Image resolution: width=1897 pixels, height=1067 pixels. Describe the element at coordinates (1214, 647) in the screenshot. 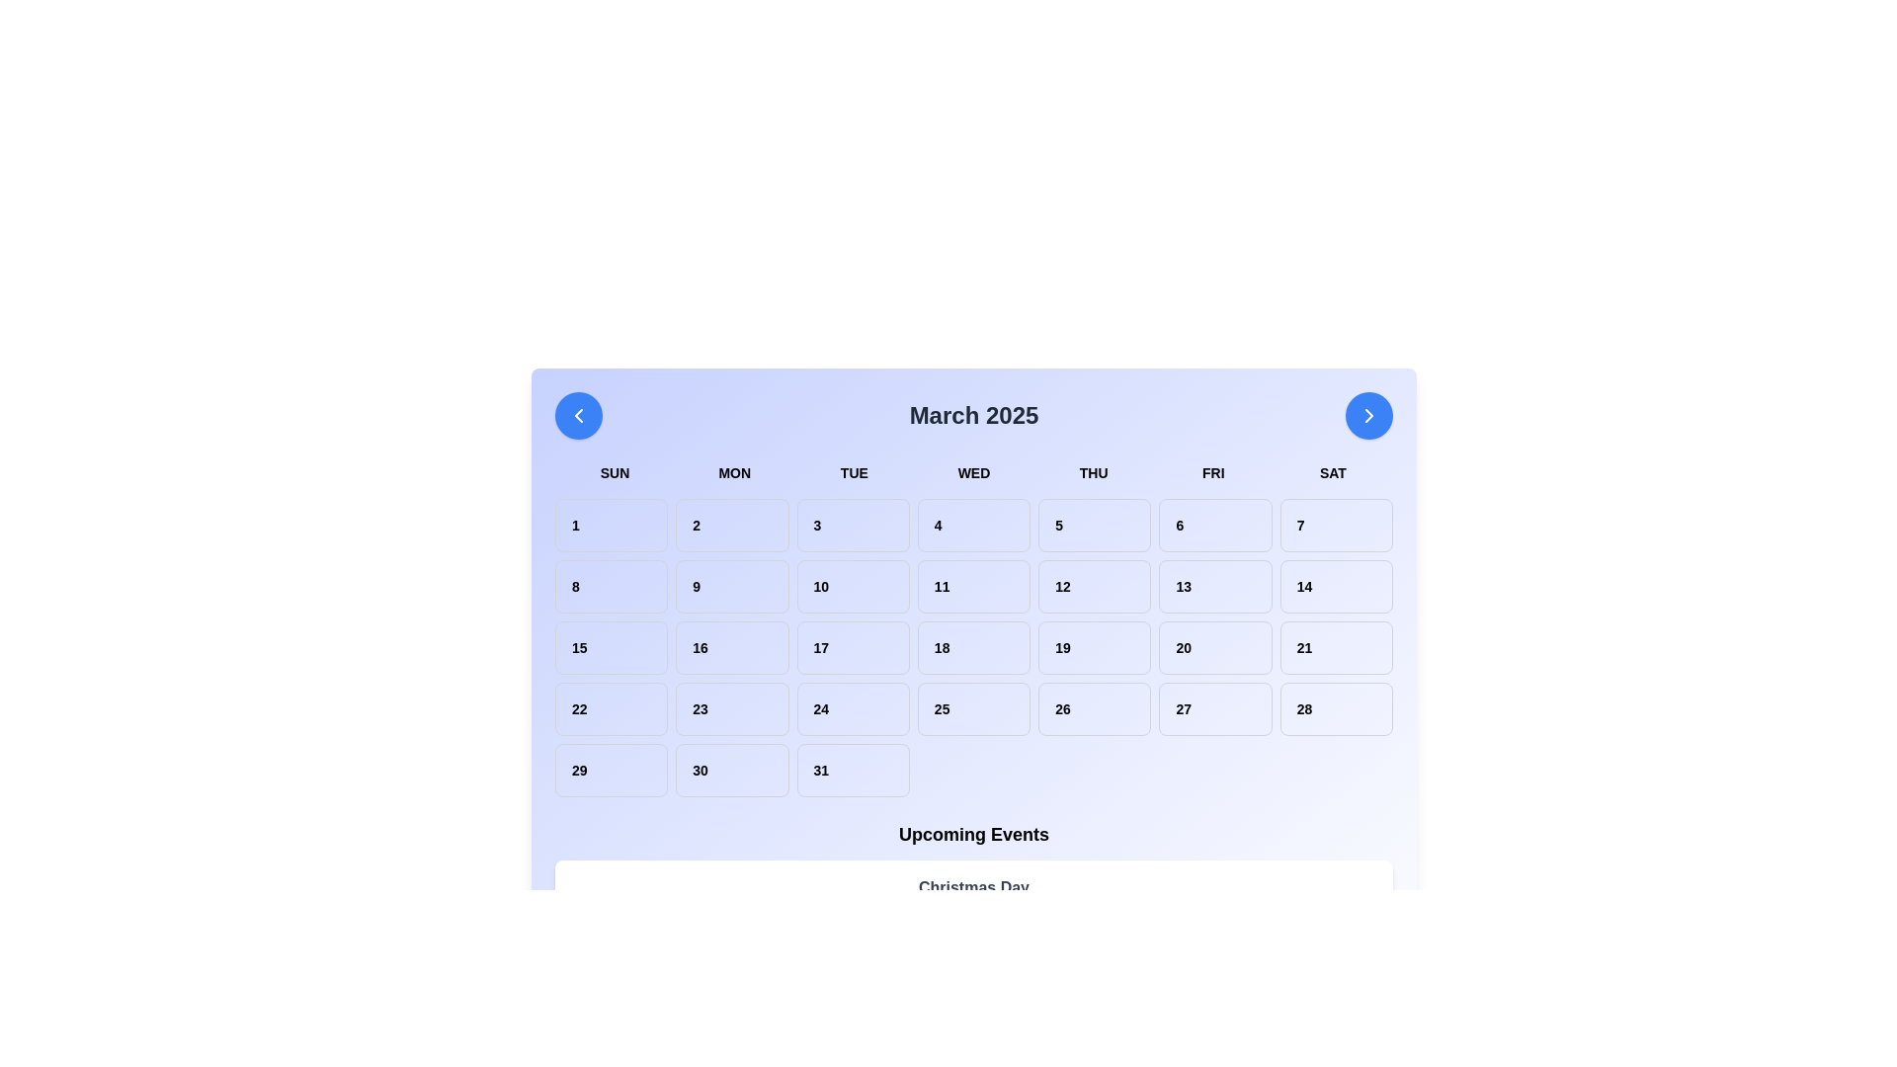

I see `the button displaying the number '20' in the calendar for March 2025` at that location.